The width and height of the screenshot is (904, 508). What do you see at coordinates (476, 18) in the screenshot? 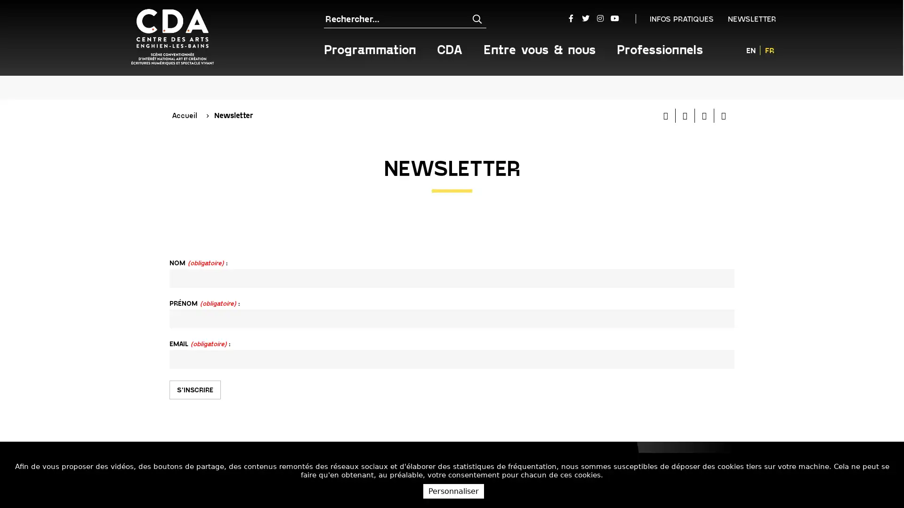
I see `Rechercher sur tout le site` at bounding box center [476, 18].